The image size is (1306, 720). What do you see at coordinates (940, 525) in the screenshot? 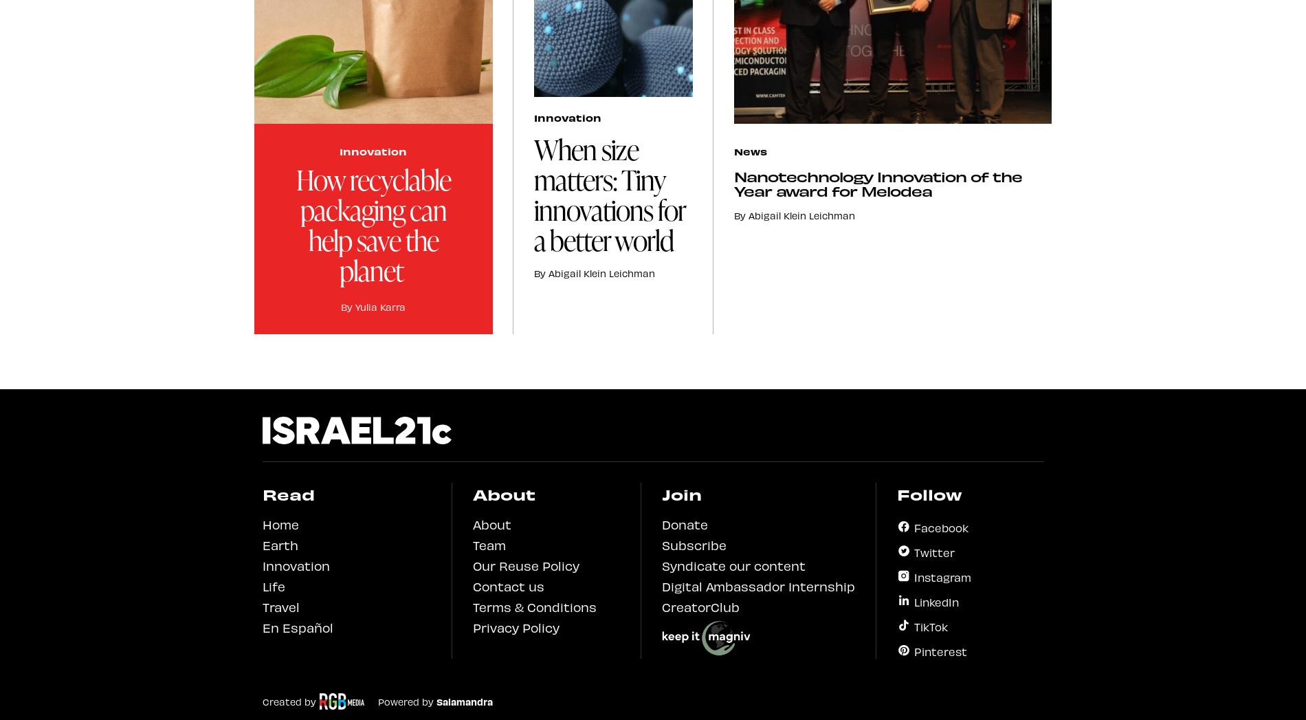
I see `'Facebook'` at bounding box center [940, 525].